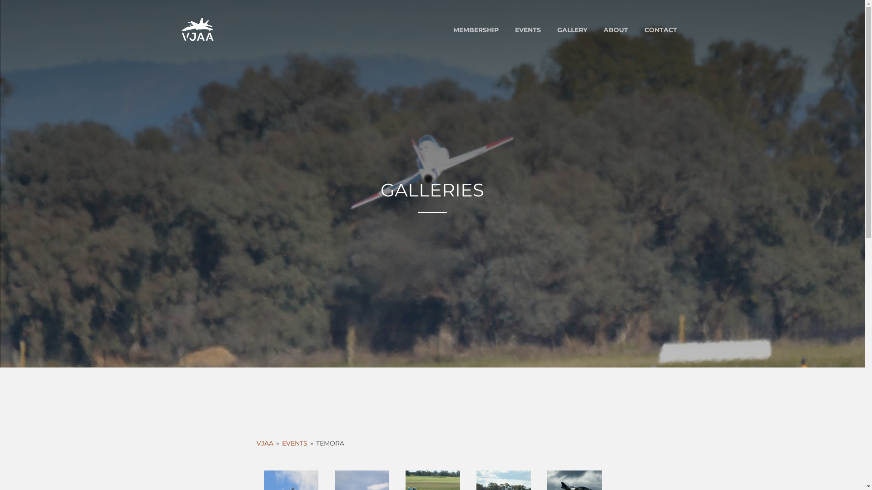 Image resolution: width=872 pixels, height=490 pixels. What do you see at coordinates (636, 29) in the screenshot?
I see `'CONTACT'` at bounding box center [636, 29].